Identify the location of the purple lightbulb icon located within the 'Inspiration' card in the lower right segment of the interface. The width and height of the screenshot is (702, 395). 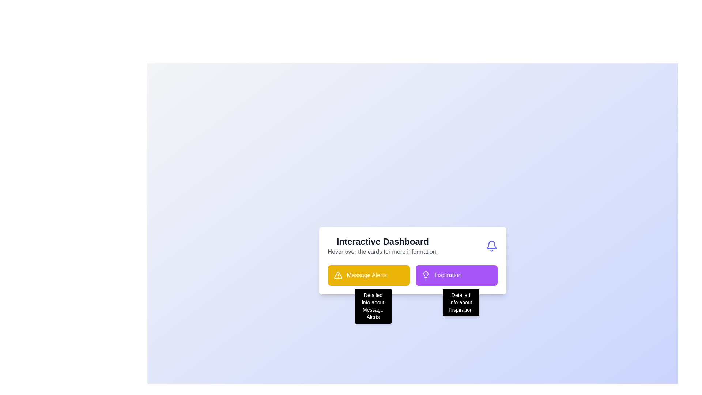
(426, 275).